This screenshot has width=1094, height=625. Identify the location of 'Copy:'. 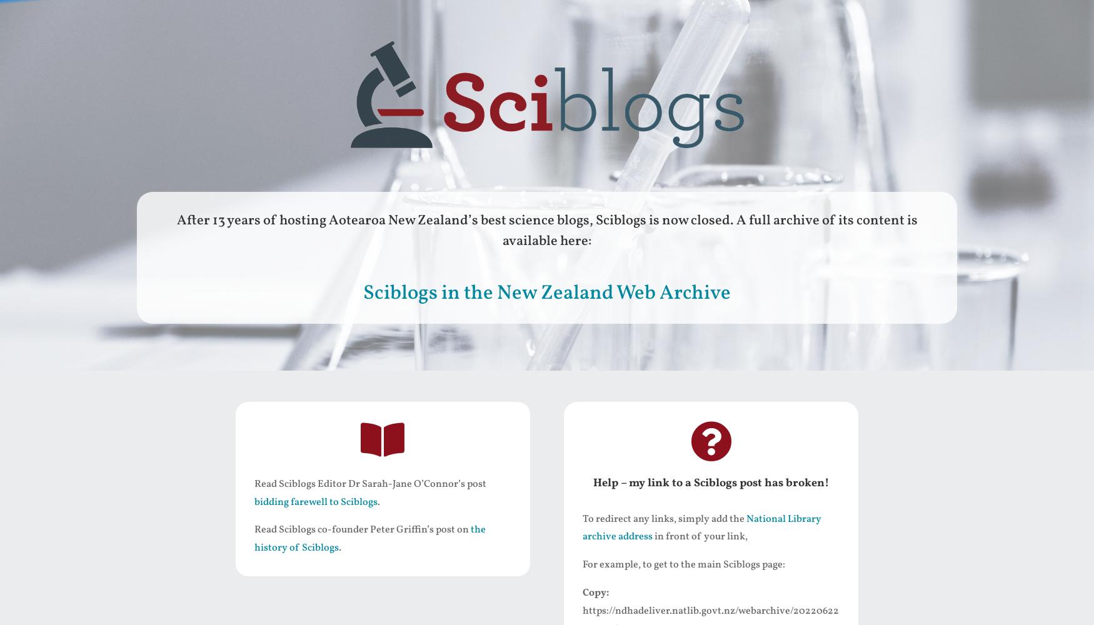
(582, 592).